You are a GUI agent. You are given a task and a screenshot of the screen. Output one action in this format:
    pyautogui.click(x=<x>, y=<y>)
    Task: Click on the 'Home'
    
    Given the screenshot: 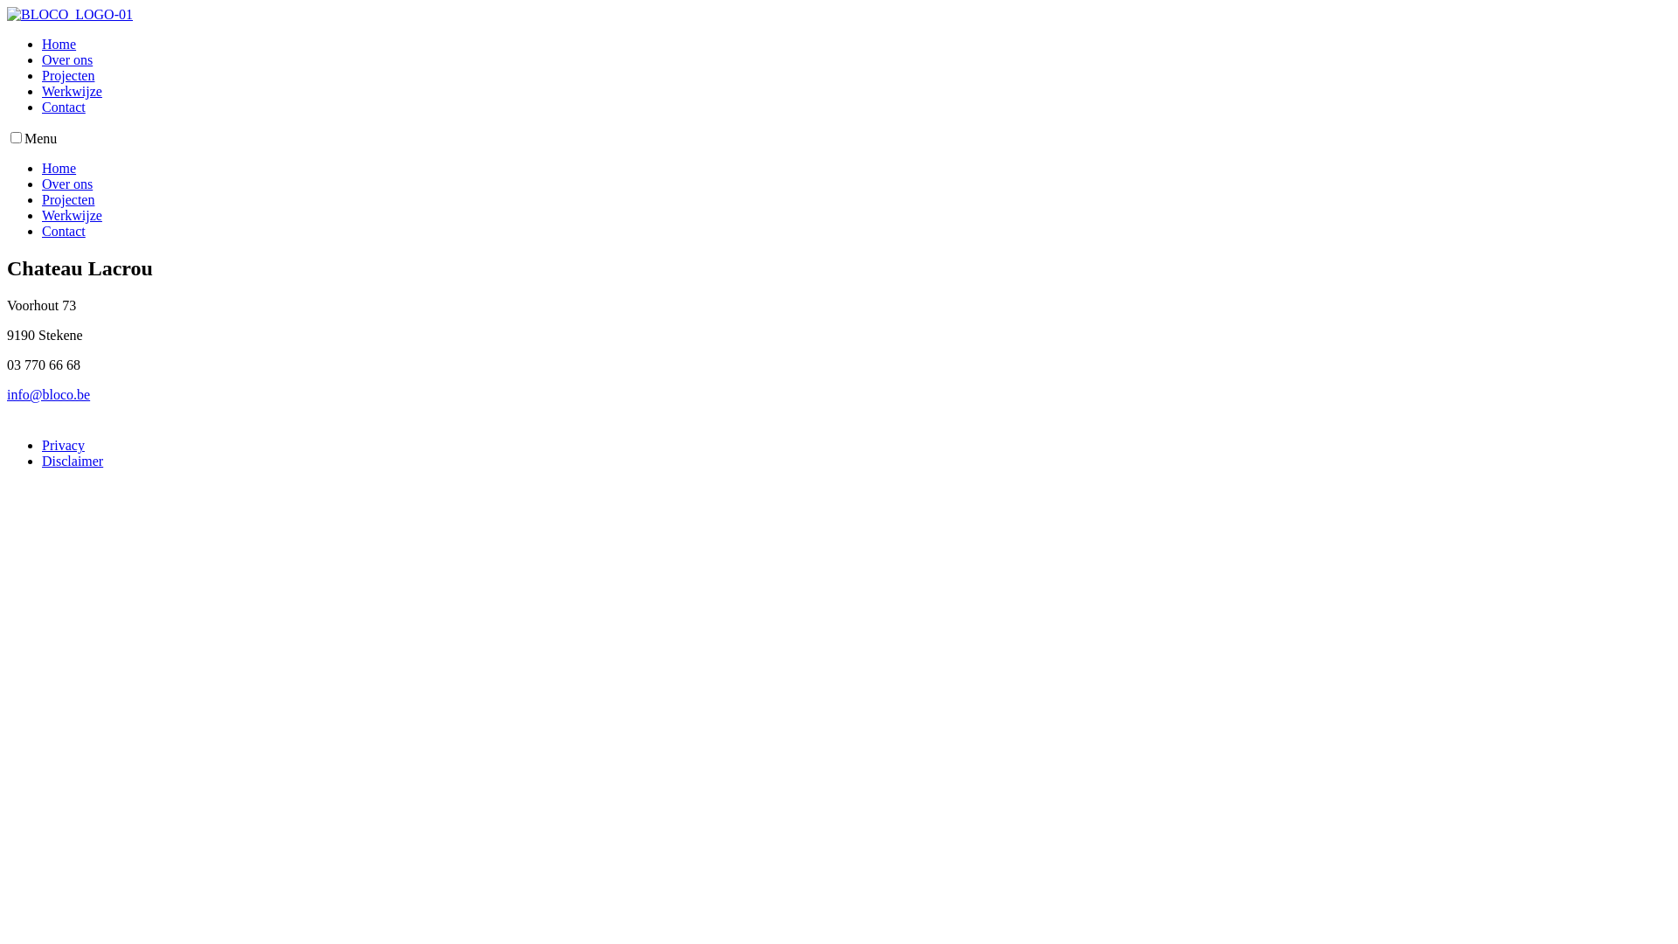 What is the action you would take?
    pyautogui.click(x=59, y=43)
    